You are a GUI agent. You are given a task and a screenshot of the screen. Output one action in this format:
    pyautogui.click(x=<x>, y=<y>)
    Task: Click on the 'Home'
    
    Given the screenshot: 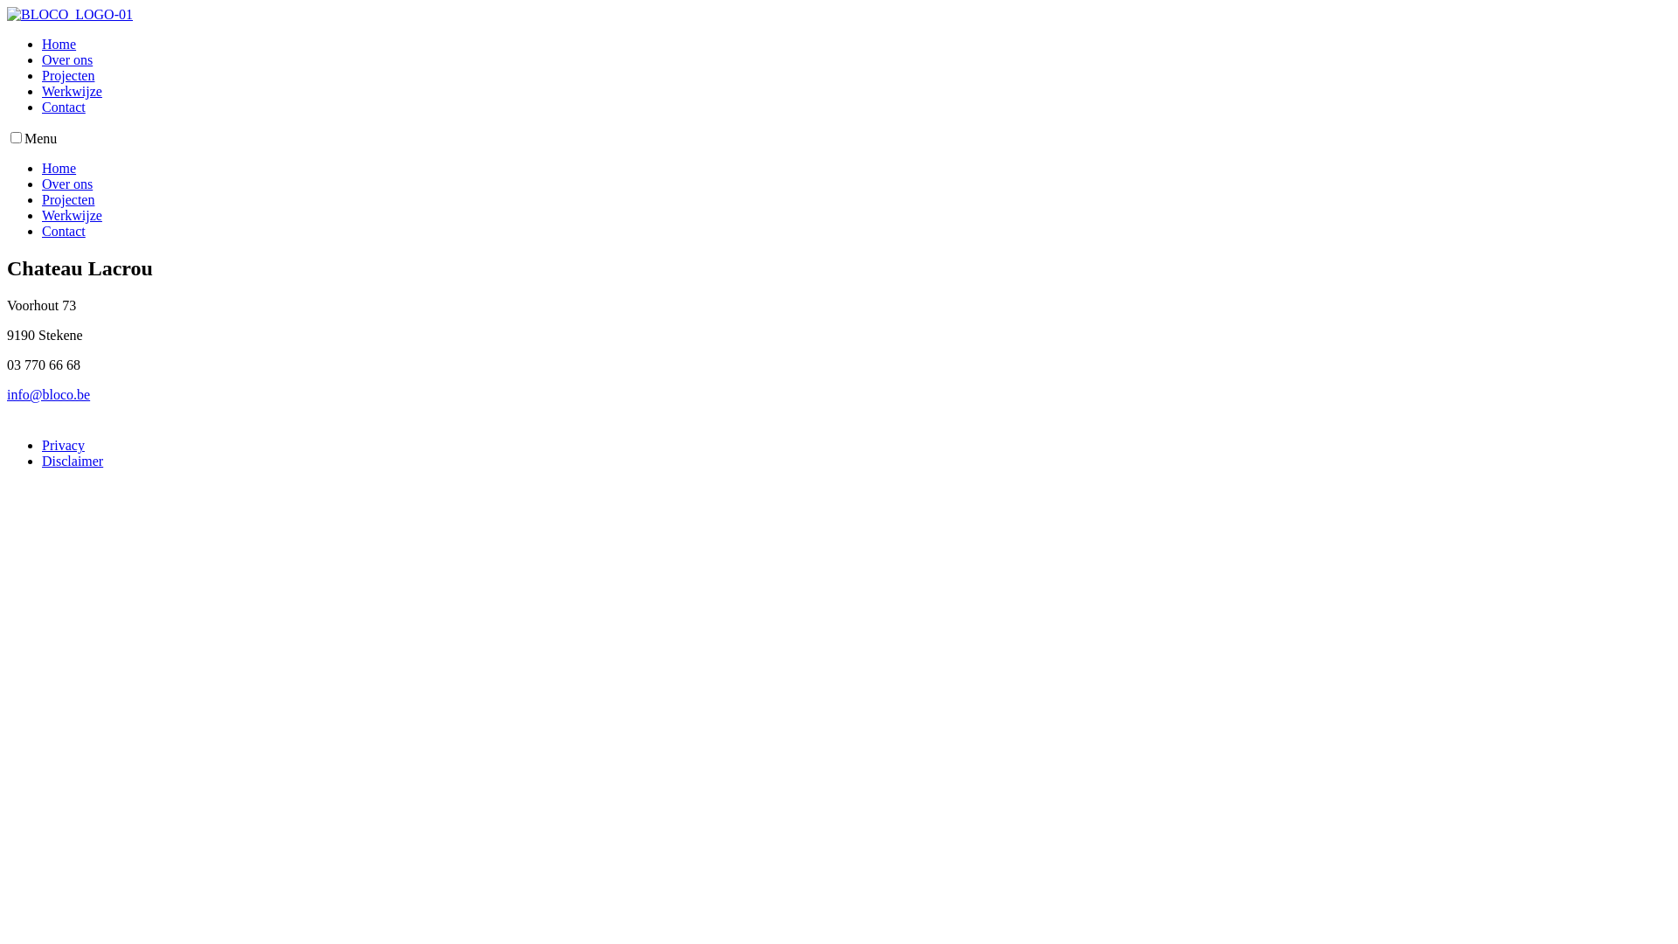 What is the action you would take?
    pyautogui.click(x=59, y=43)
    